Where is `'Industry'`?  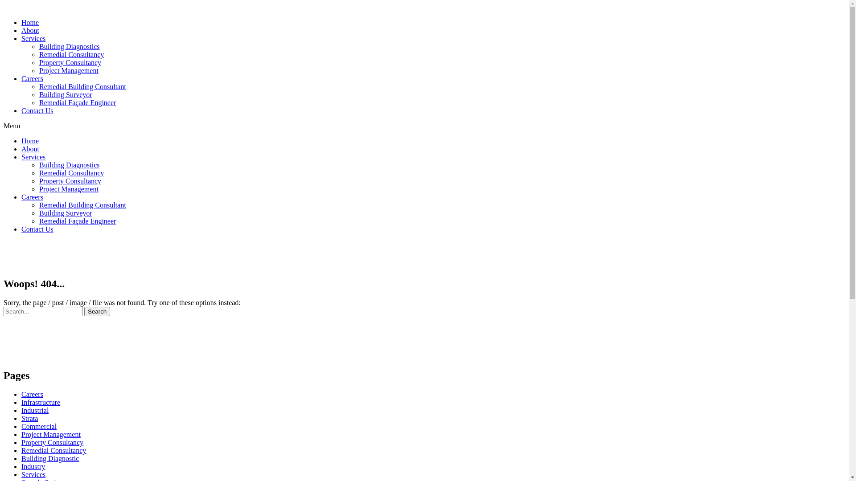
'Industry' is located at coordinates (33, 466).